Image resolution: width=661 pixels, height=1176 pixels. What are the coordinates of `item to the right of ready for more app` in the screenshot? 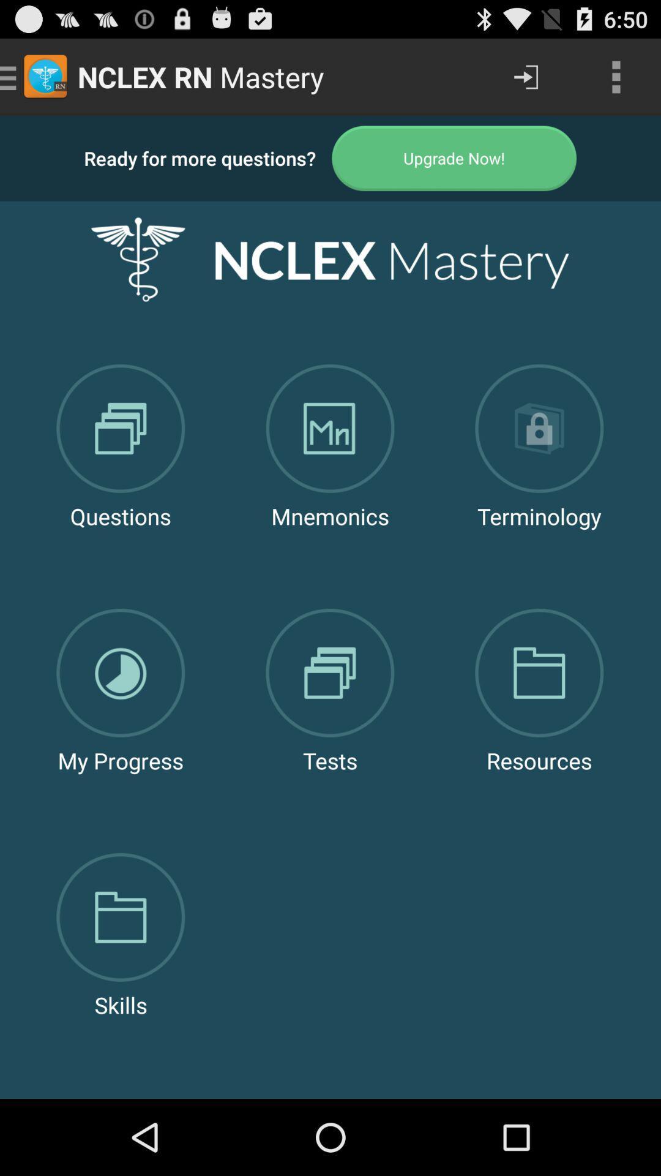 It's located at (454, 157).